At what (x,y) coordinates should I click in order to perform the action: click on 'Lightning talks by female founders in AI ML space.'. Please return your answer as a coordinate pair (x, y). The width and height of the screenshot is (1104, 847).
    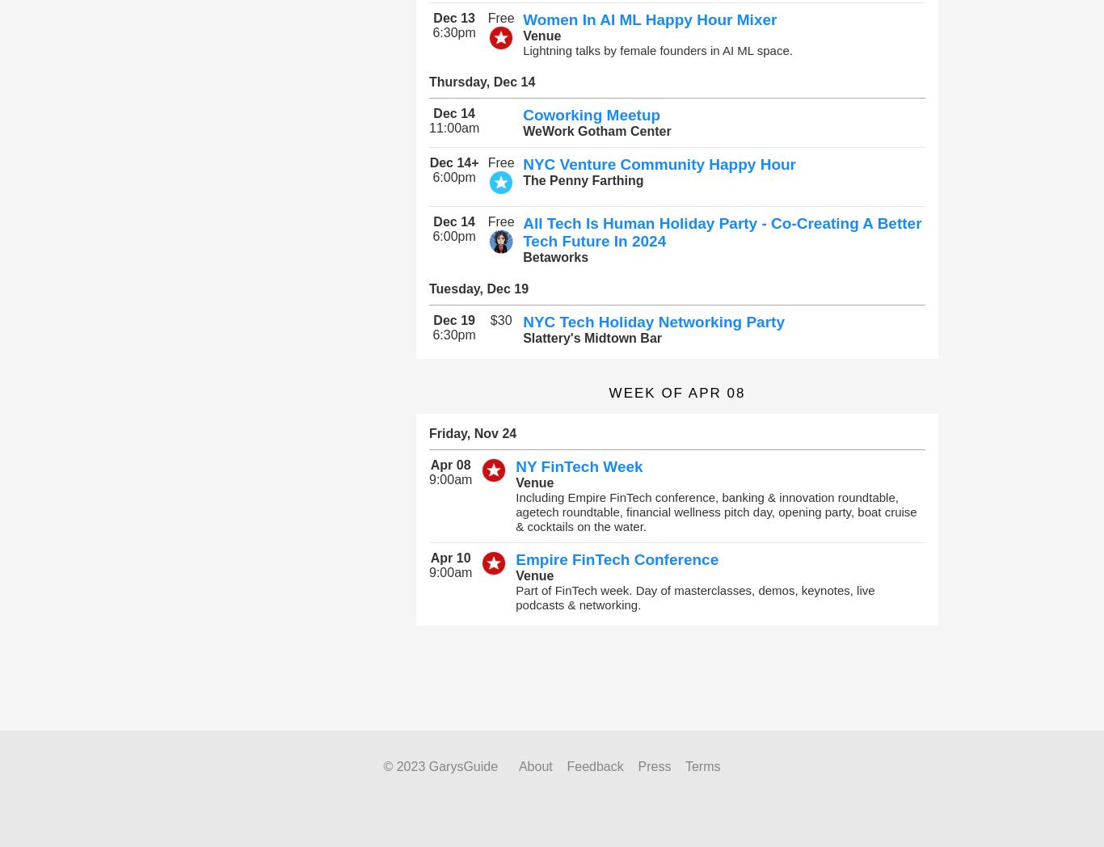
    Looking at the image, I should click on (656, 50).